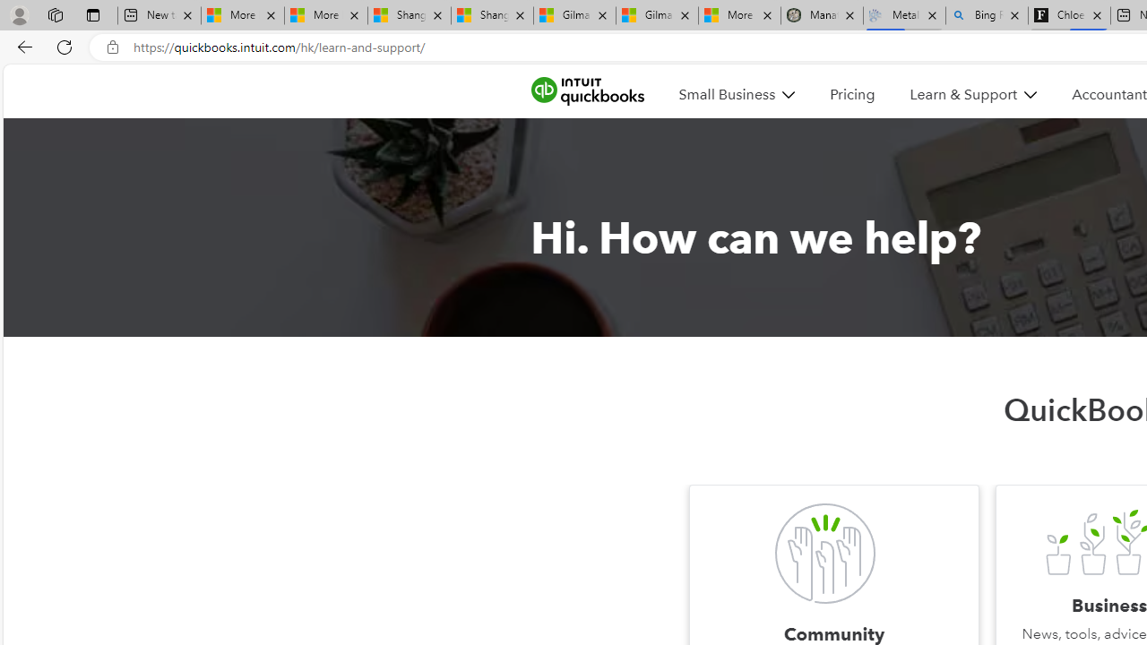 Image resolution: width=1147 pixels, height=645 pixels. What do you see at coordinates (986, 15) in the screenshot?
I see `'Bing Real Estate - Home sales and rental listings'` at bounding box center [986, 15].